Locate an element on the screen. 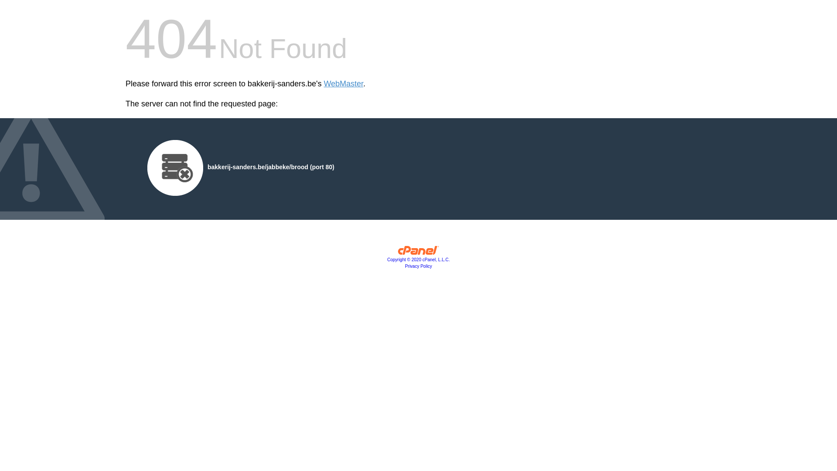  'Privacy Policy' is located at coordinates (418, 266).